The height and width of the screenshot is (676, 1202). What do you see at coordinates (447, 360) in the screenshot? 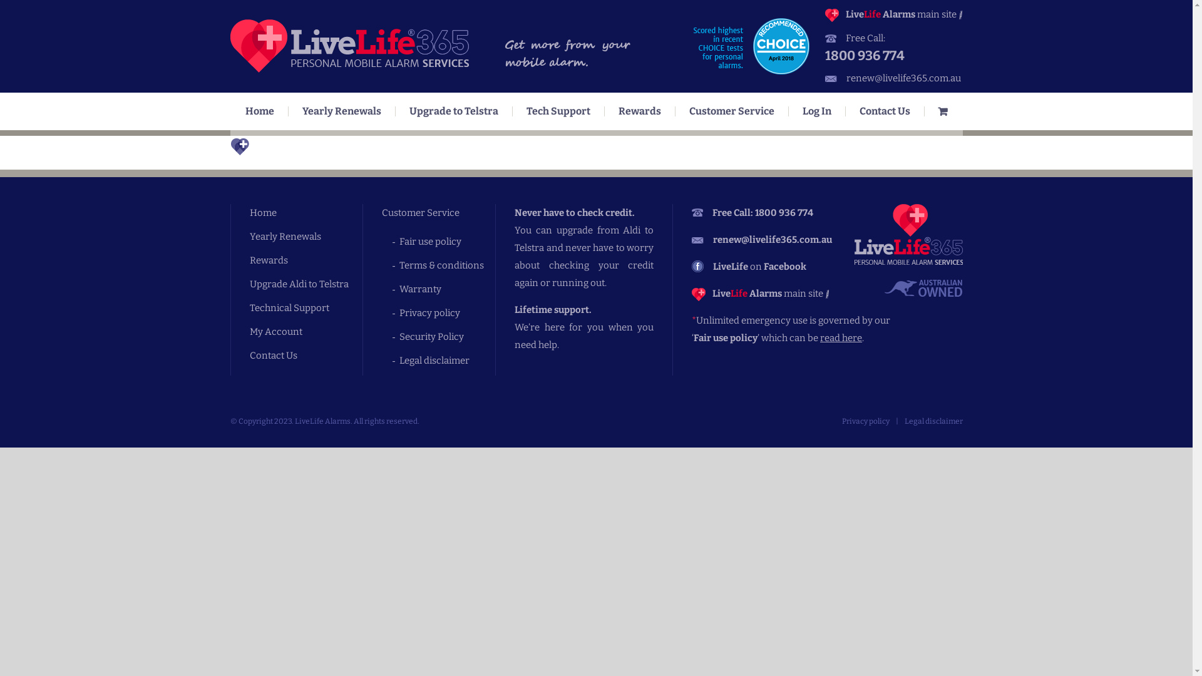
I see `'Legal disclaimer'` at bounding box center [447, 360].